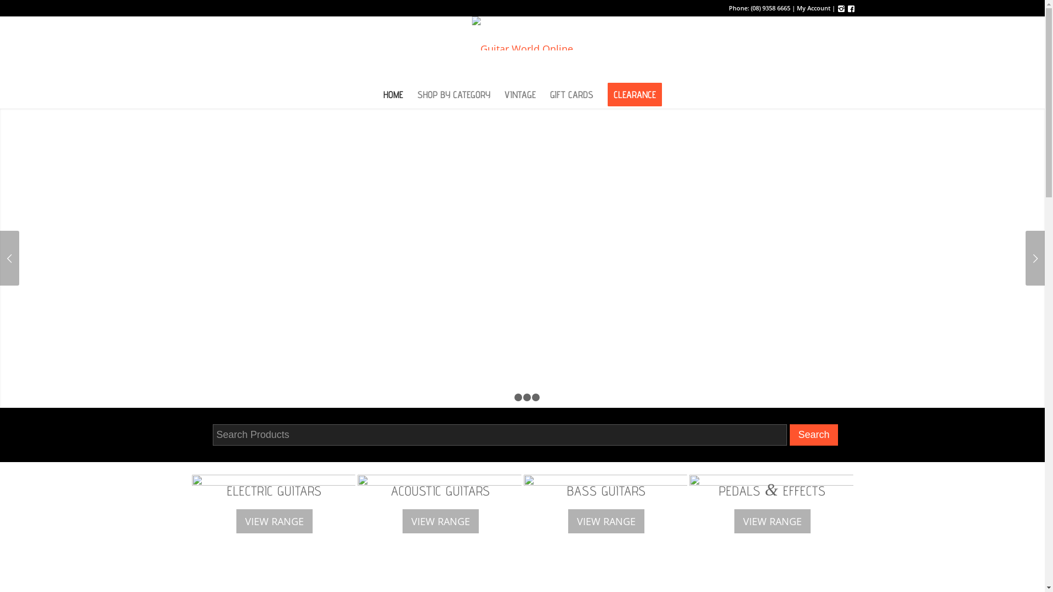  What do you see at coordinates (522, 48) in the screenshot?
I see `'GW-brand-col'` at bounding box center [522, 48].